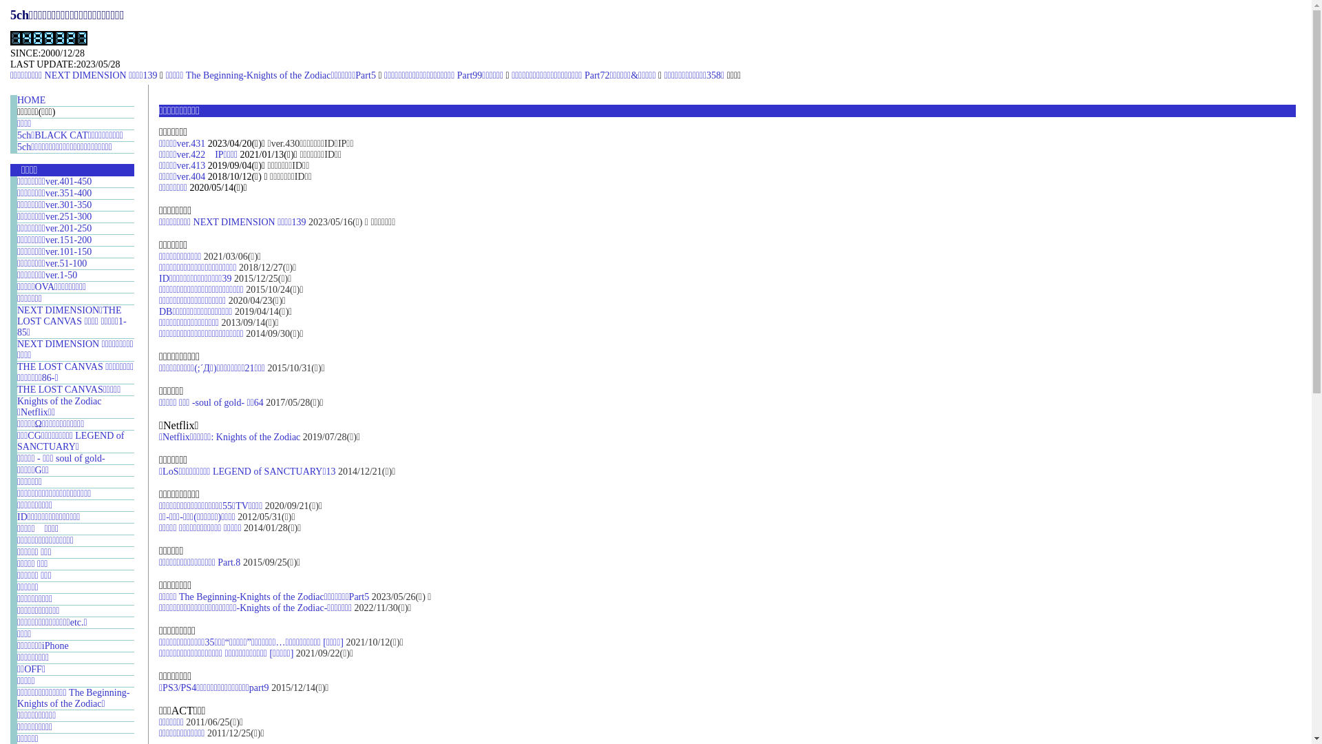  Describe the element at coordinates (31, 99) in the screenshot. I see `'HOME'` at that location.